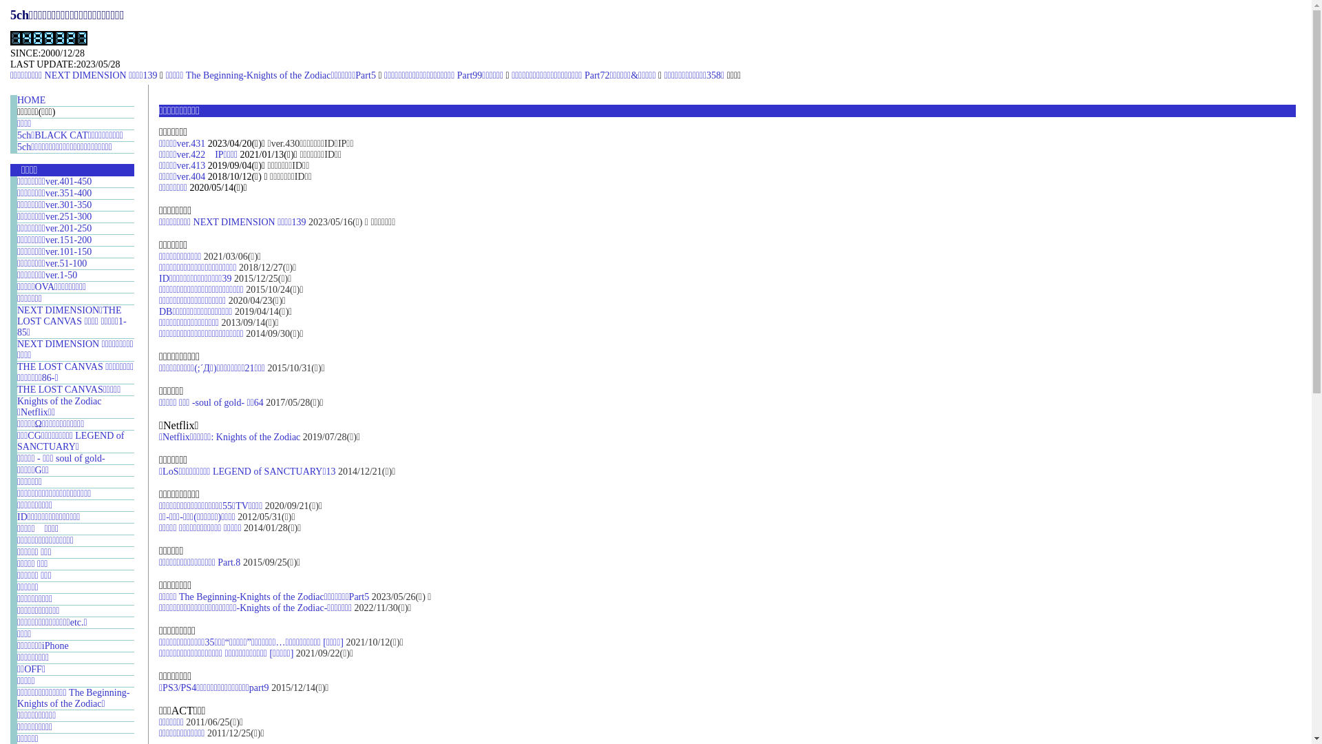  Describe the element at coordinates (31, 99) in the screenshot. I see `'HOME'` at that location.